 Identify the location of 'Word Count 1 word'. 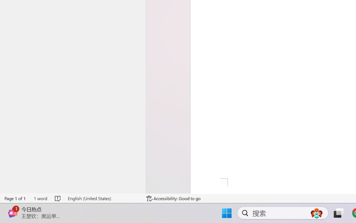
(40, 198).